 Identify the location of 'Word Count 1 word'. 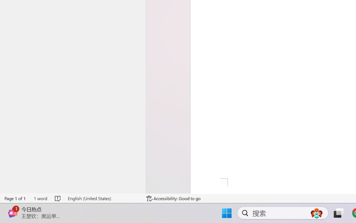
(40, 198).